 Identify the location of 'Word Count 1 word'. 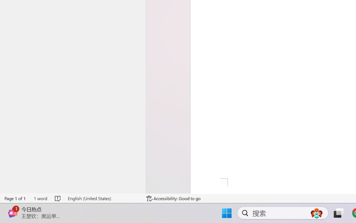
(40, 198).